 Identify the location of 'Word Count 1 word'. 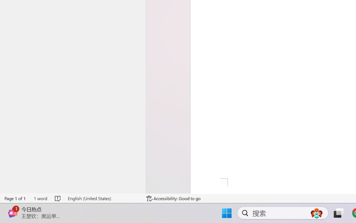
(40, 198).